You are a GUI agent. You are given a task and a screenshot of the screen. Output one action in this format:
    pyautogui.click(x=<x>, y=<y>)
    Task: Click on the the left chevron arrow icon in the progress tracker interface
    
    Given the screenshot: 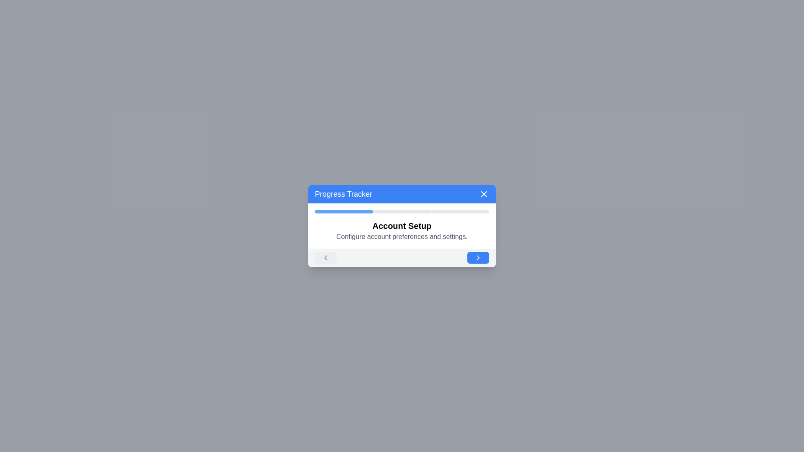 What is the action you would take?
    pyautogui.click(x=325, y=257)
    